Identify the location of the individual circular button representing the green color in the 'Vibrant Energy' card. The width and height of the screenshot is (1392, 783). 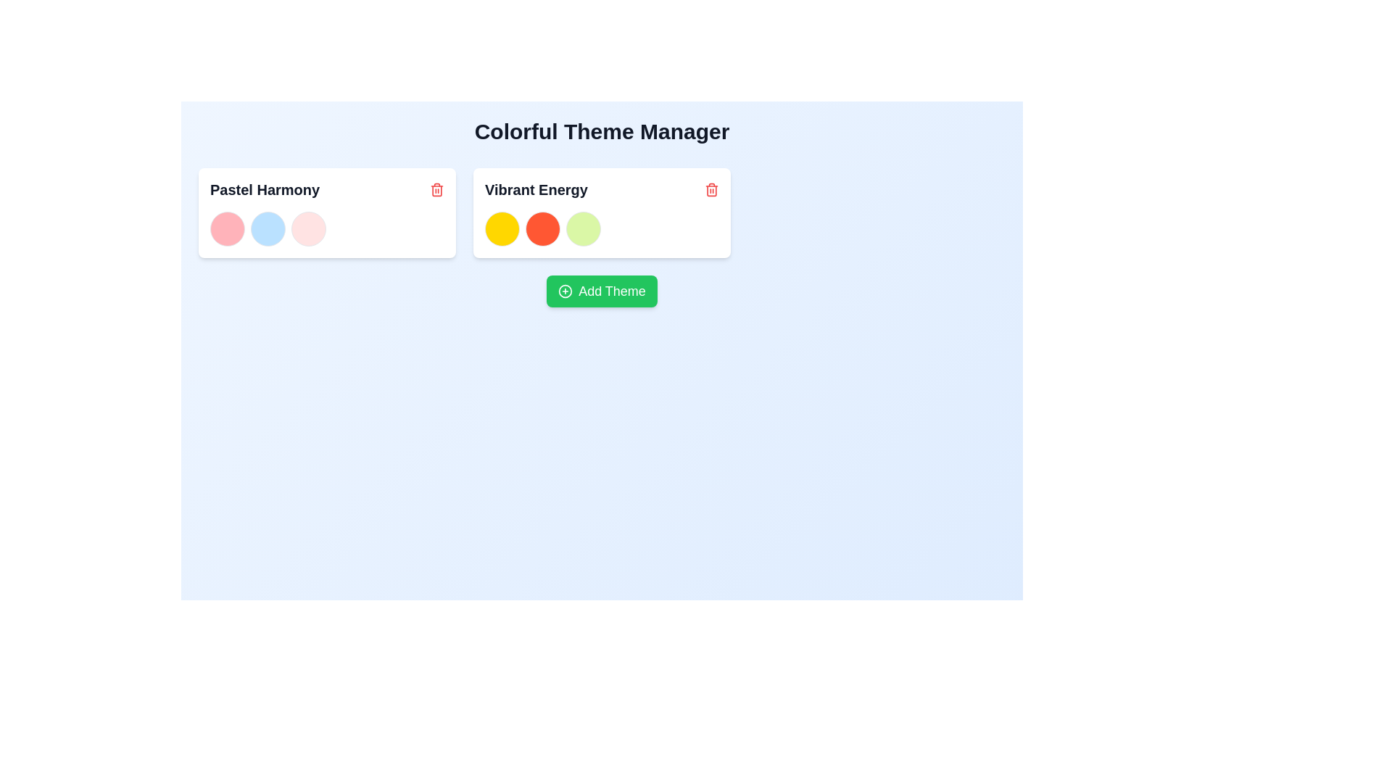
(602, 228).